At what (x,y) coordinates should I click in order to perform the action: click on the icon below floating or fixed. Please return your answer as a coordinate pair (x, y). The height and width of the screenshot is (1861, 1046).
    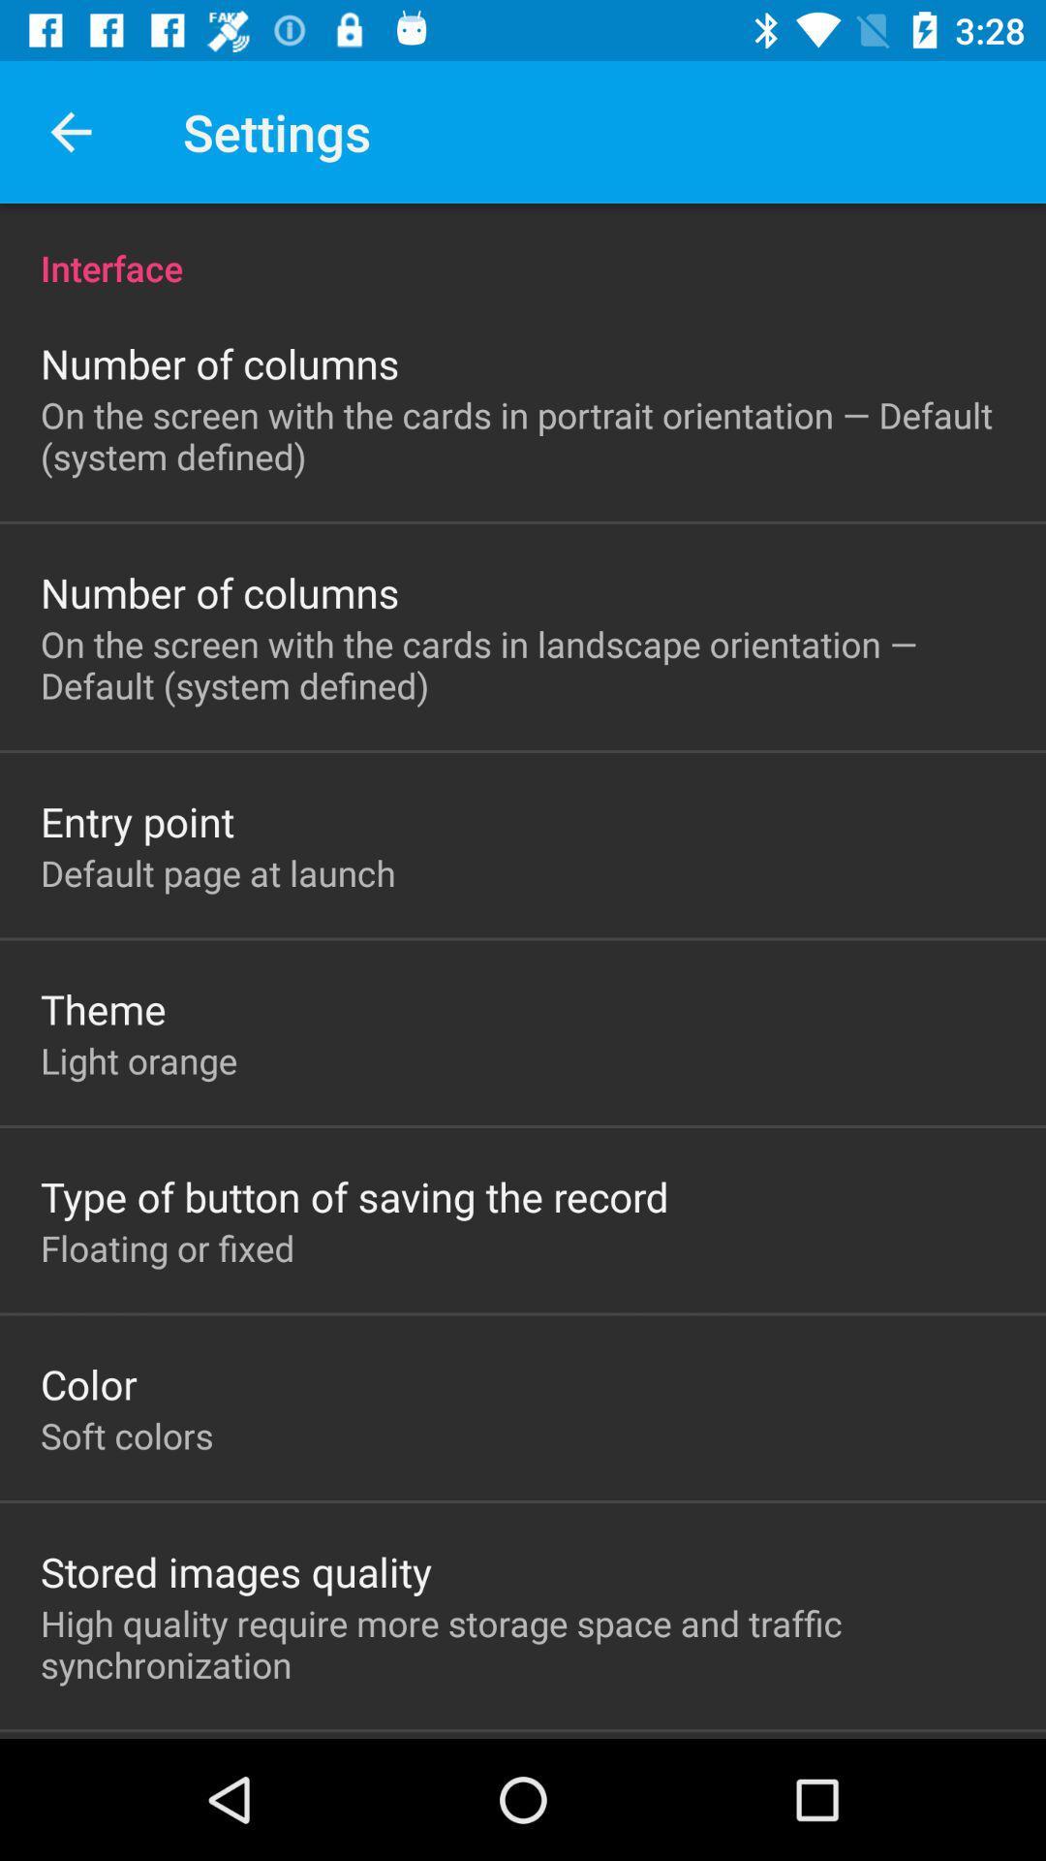
    Looking at the image, I should click on (88, 1383).